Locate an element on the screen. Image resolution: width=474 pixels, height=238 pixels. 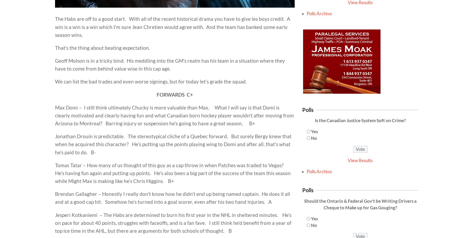
'Geoff Molson is in a tricky bind.  His meddling into the GM’s realm has his team in a situation where they have to come from behind value wise in this cap age.' is located at coordinates (55, 64).